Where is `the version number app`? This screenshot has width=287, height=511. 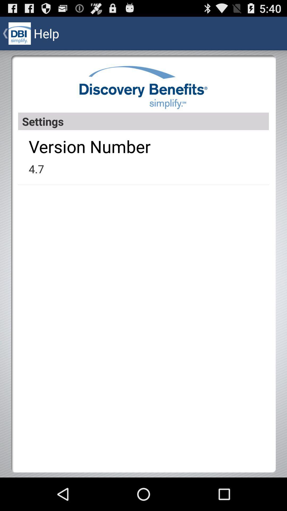 the version number app is located at coordinates (89, 146).